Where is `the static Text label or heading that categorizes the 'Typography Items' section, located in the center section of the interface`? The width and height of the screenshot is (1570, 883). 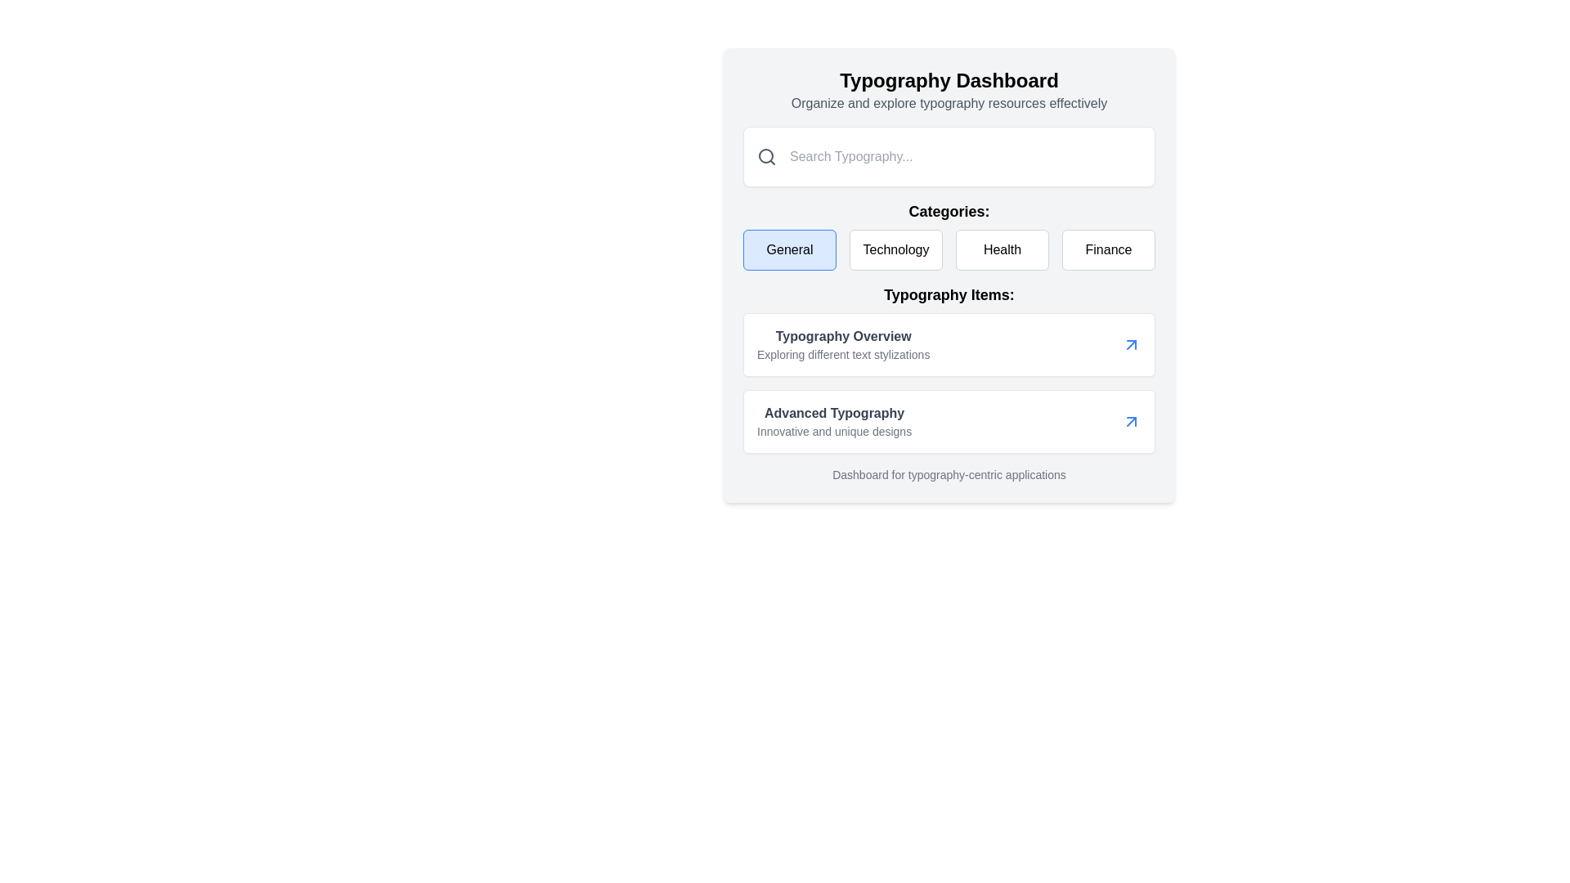 the static Text label or heading that categorizes the 'Typography Items' section, located in the center section of the interface is located at coordinates (949, 295).